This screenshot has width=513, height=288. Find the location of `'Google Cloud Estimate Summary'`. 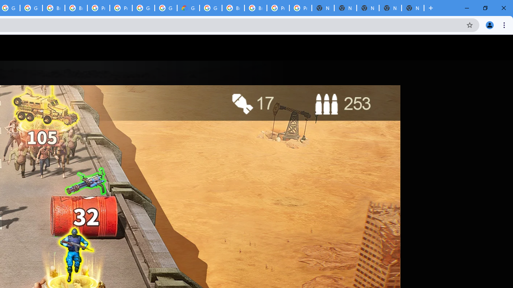

'Google Cloud Estimate Summary' is located at coordinates (188, 8).